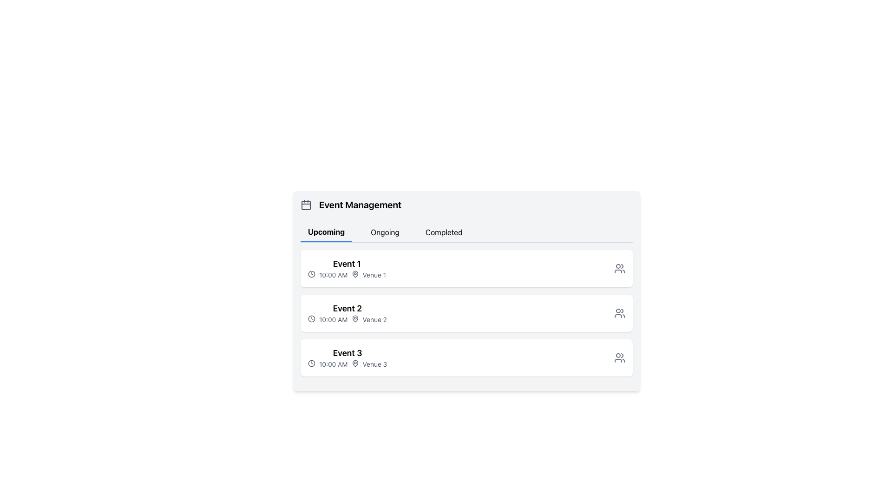 The image size is (892, 502). What do you see at coordinates (347, 308) in the screenshot?
I see `the Label/Text Display element that serves as the title for the second event in the list, positioned between 'Event 1' and 'Event 3'` at bounding box center [347, 308].